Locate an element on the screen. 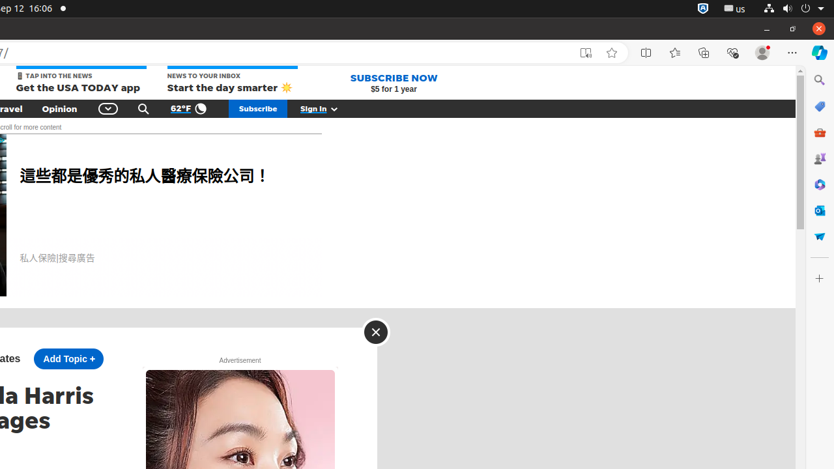 The height and width of the screenshot is (469, 834). 'Global Navigation' is located at coordinates (108, 107).